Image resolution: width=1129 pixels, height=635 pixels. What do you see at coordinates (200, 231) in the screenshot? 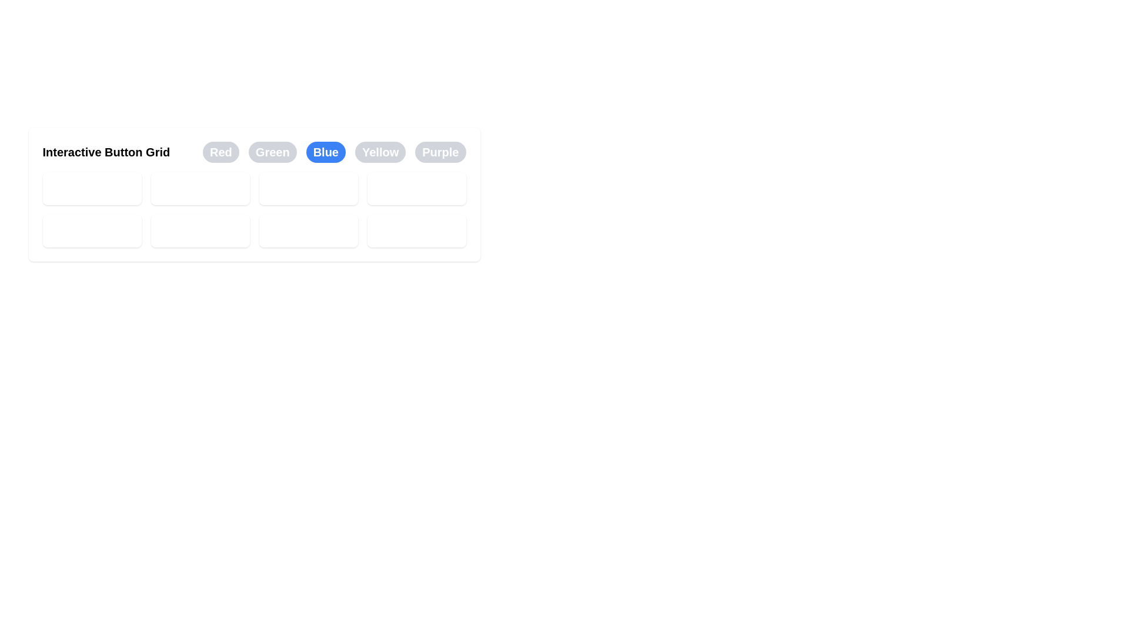
I see `the interactive element labeled 'Button 6', located in the second row and second column of the button grid` at bounding box center [200, 231].